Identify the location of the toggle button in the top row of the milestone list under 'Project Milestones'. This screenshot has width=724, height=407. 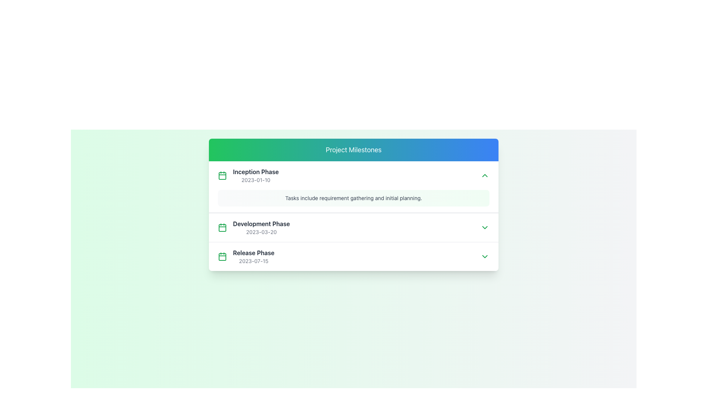
(485, 176).